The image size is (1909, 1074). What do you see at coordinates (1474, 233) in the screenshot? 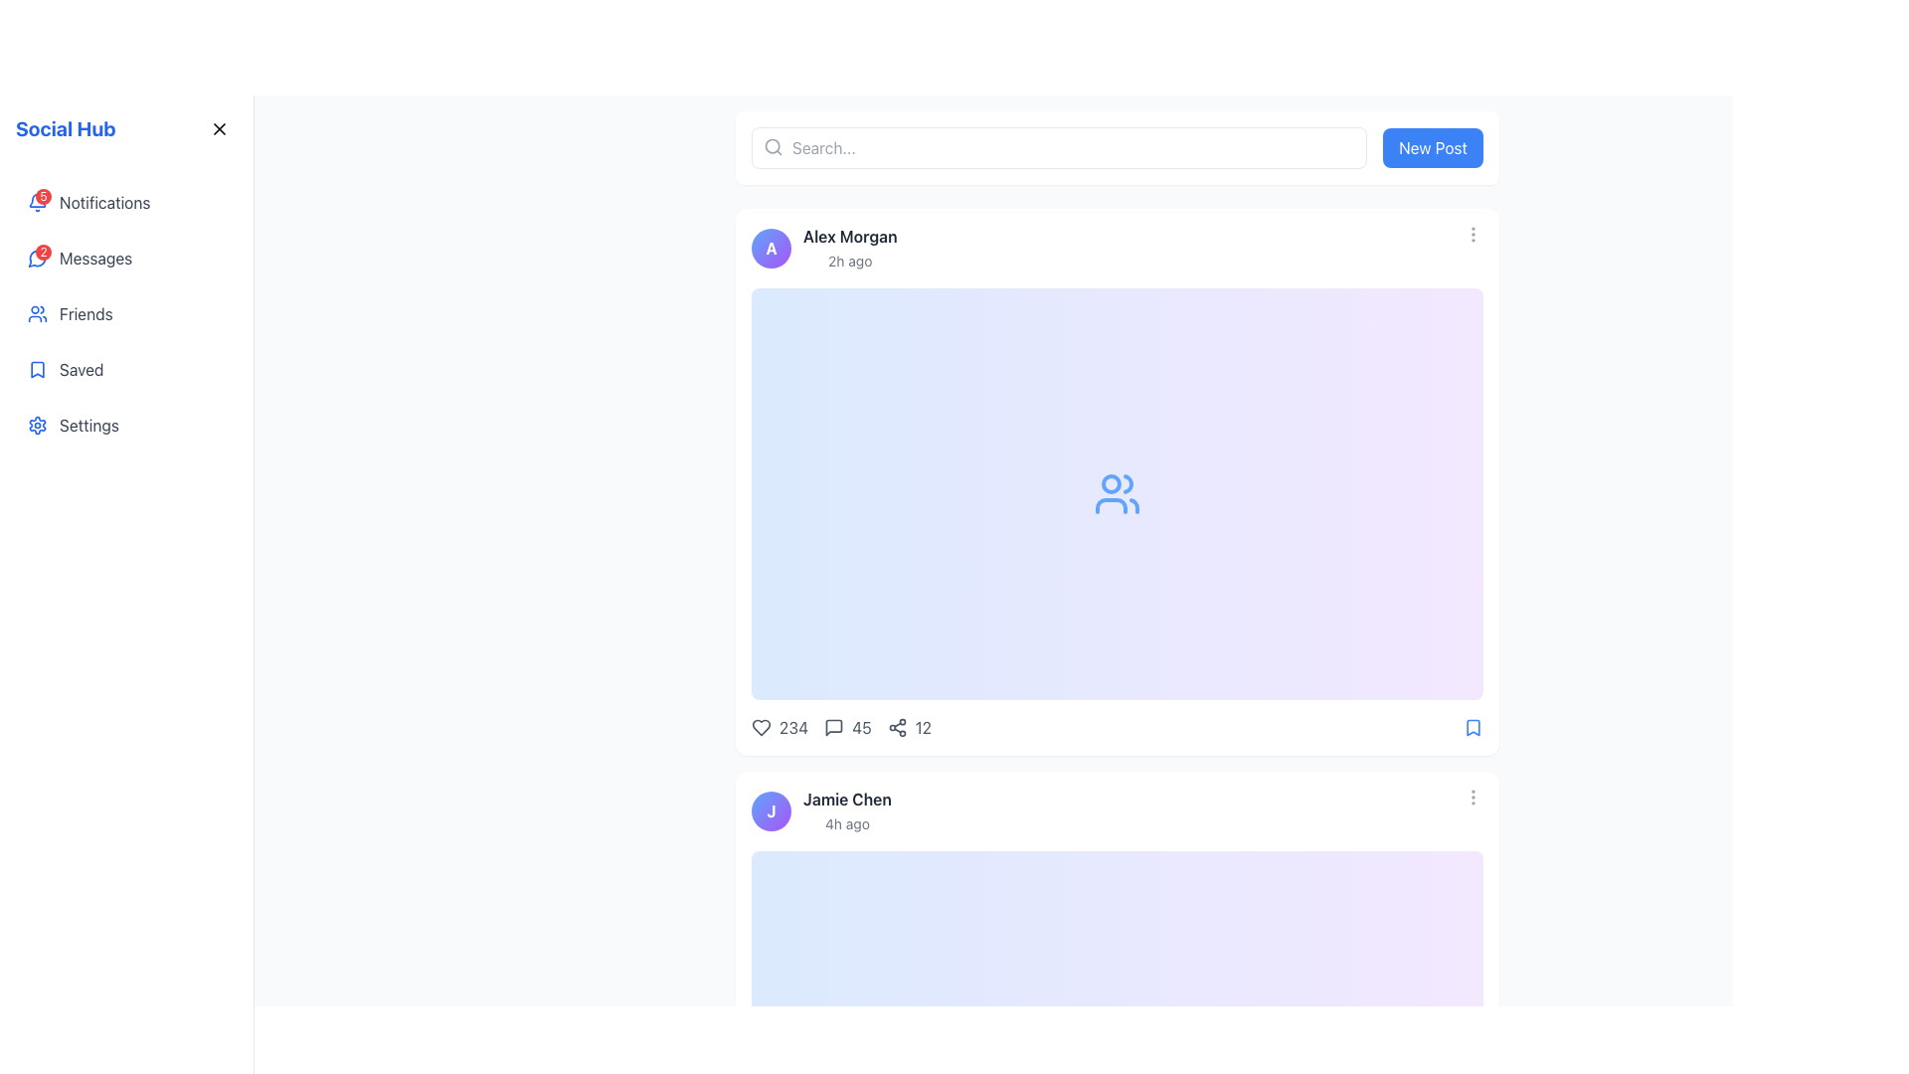
I see `the vertical ellipsis icon located at the top-right corner of the Alex Morgan post` at bounding box center [1474, 233].